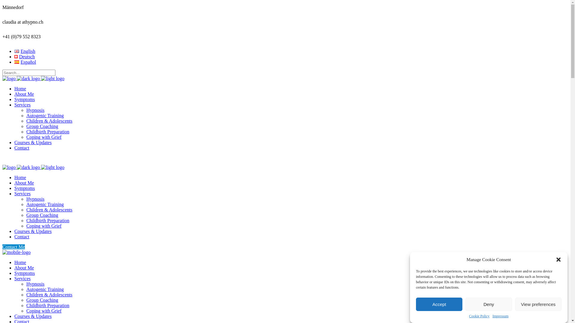 The image size is (575, 323). What do you see at coordinates (14, 57) in the screenshot?
I see `'Deutsch'` at bounding box center [14, 57].